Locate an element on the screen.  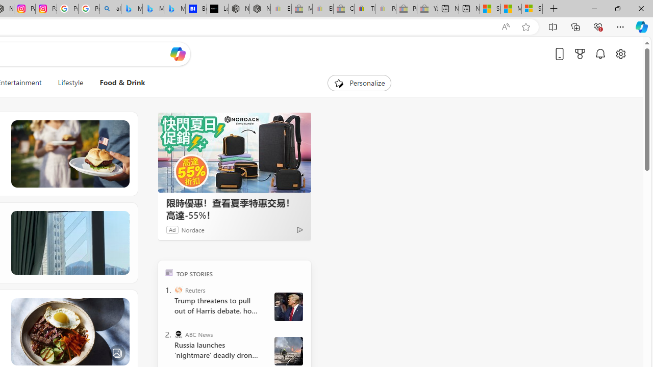
'Personalize' is located at coordinates (359, 83).